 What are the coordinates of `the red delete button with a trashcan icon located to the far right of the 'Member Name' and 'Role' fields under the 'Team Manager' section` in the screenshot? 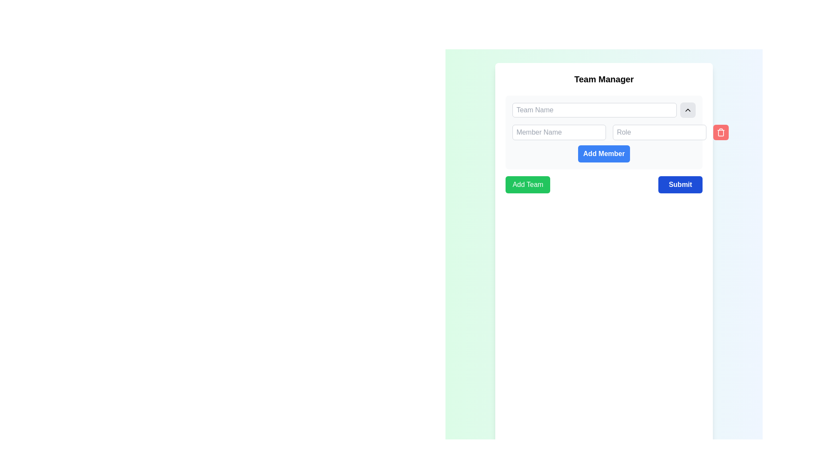 It's located at (721, 132).